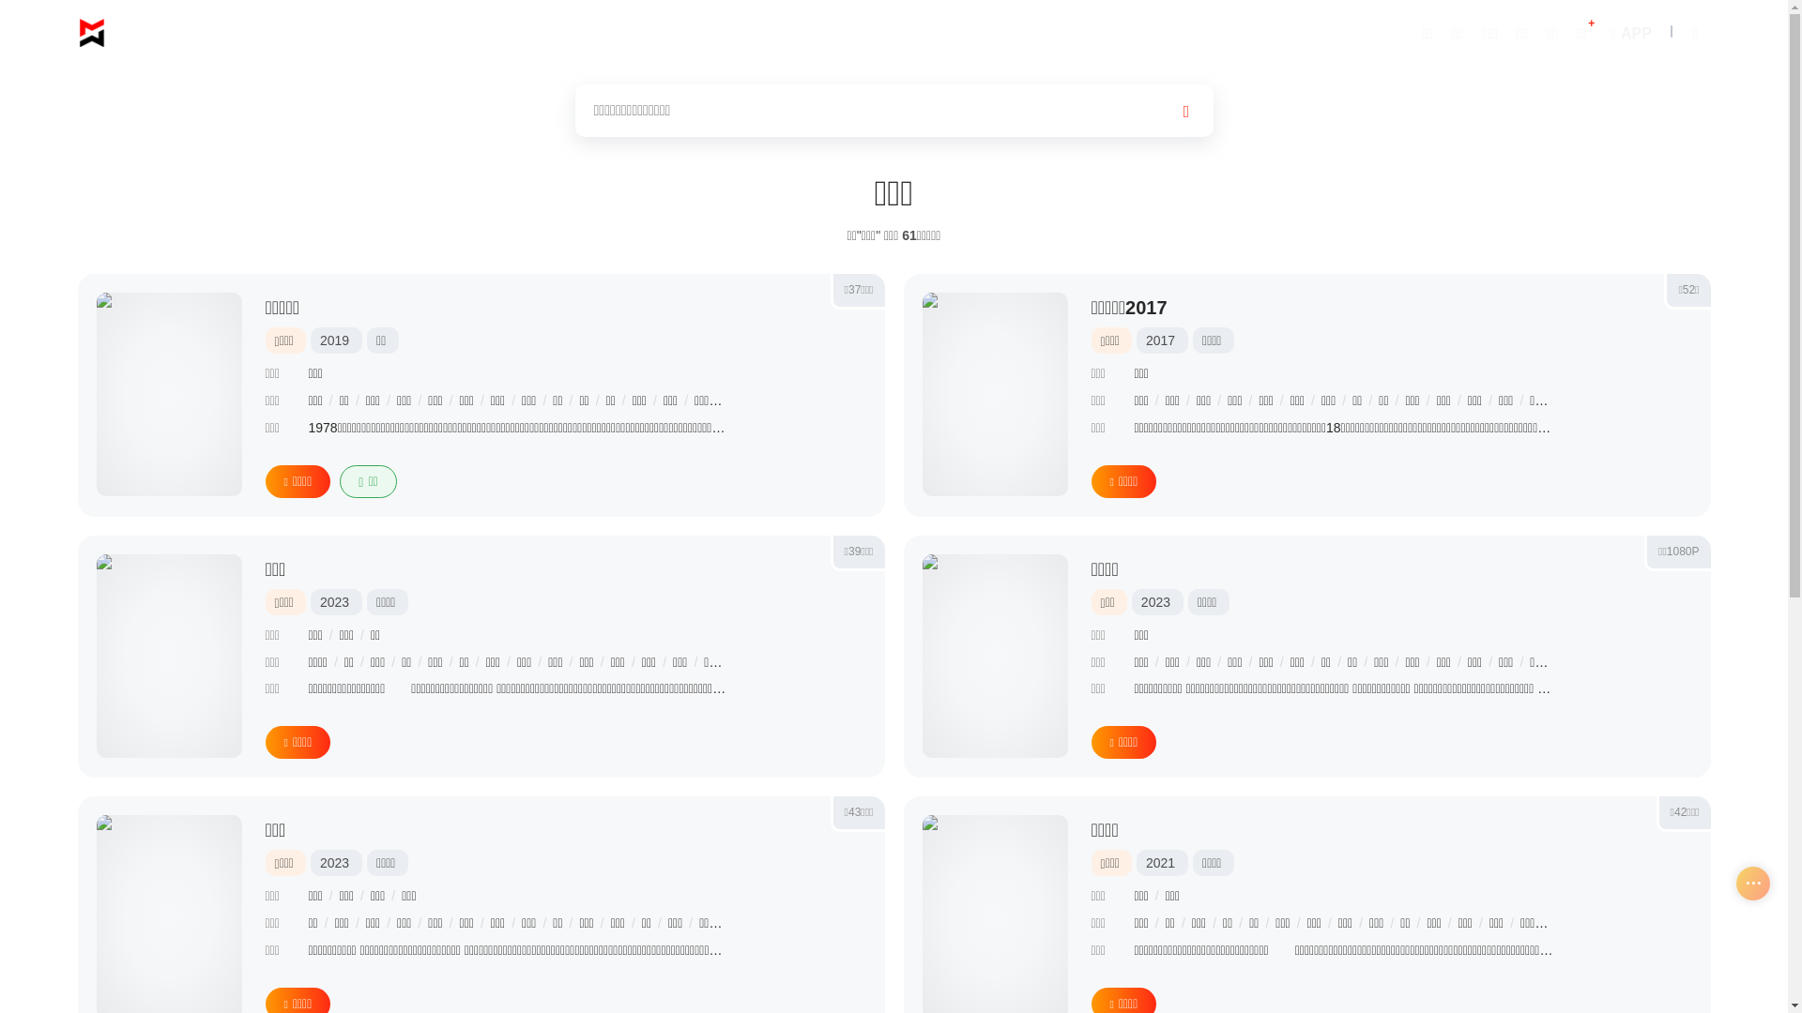 The width and height of the screenshot is (1802, 1013). I want to click on '2017', so click(1159, 340).